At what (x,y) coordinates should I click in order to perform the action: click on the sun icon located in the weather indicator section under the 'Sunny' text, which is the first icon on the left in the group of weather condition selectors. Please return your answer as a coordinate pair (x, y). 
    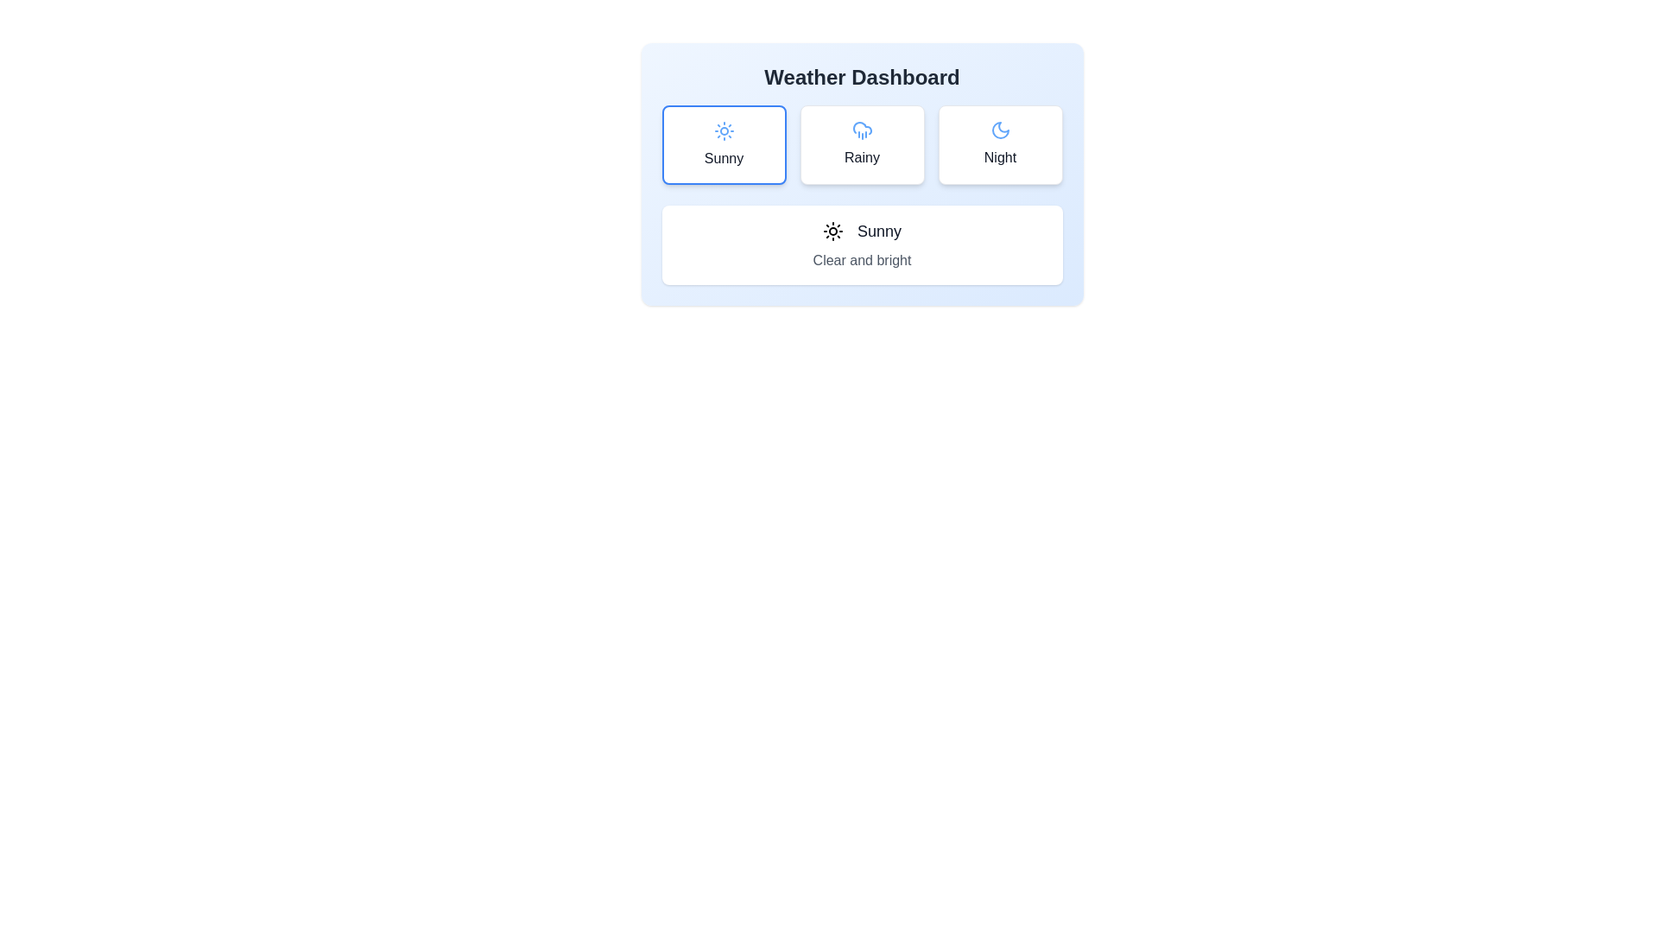
    Looking at the image, I should click on (832, 230).